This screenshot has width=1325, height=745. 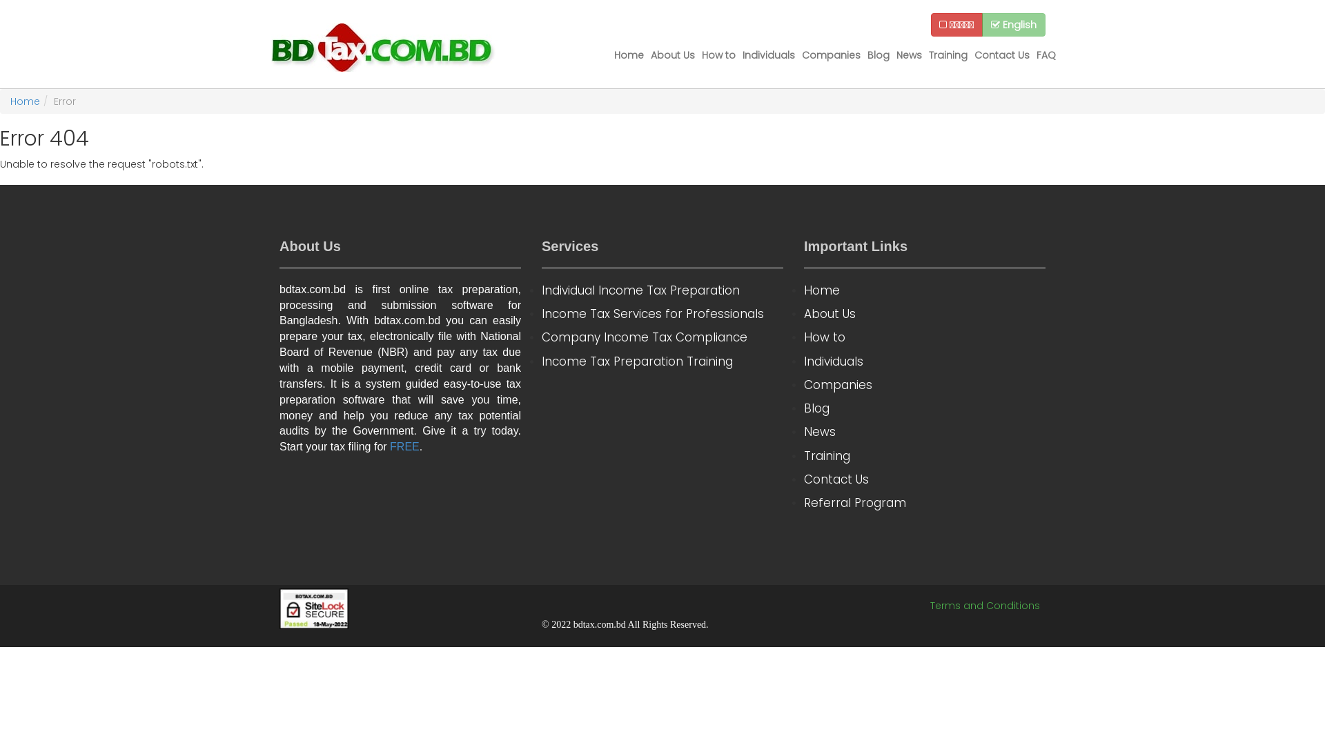 What do you see at coordinates (984, 605) in the screenshot?
I see `'Terms and Conditions'` at bounding box center [984, 605].